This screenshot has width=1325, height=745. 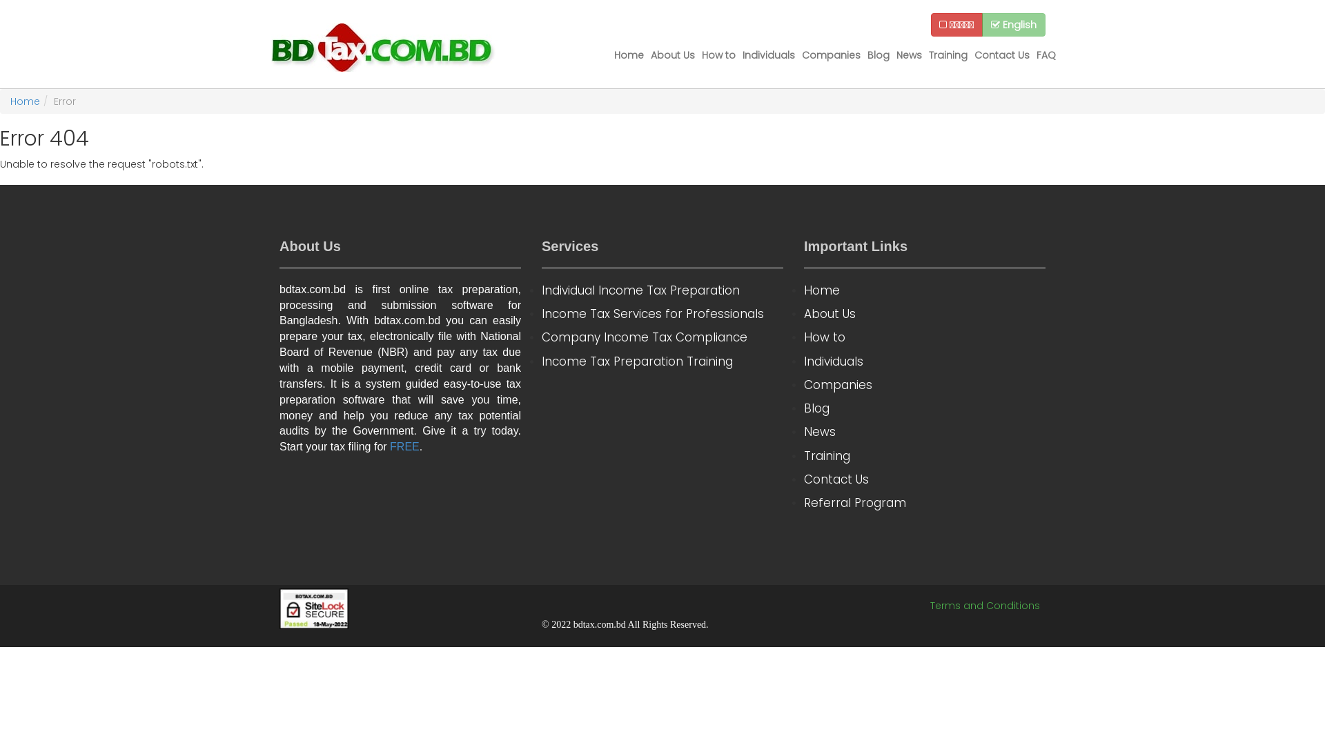 What do you see at coordinates (984, 605) in the screenshot?
I see `'Terms and Conditions'` at bounding box center [984, 605].